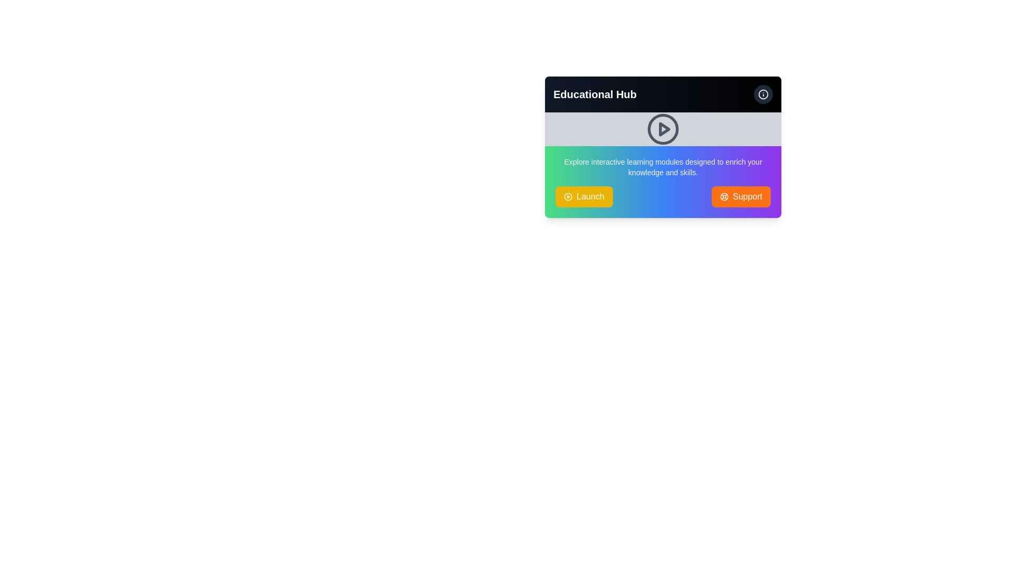 The image size is (1013, 570). Describe the element at coordinates (723, 197) in the screenshot. I see `the small circular lifebuoy icon located on the left portion of the orange 'Support' button, which is at the bottom right of the card interface` at that location.